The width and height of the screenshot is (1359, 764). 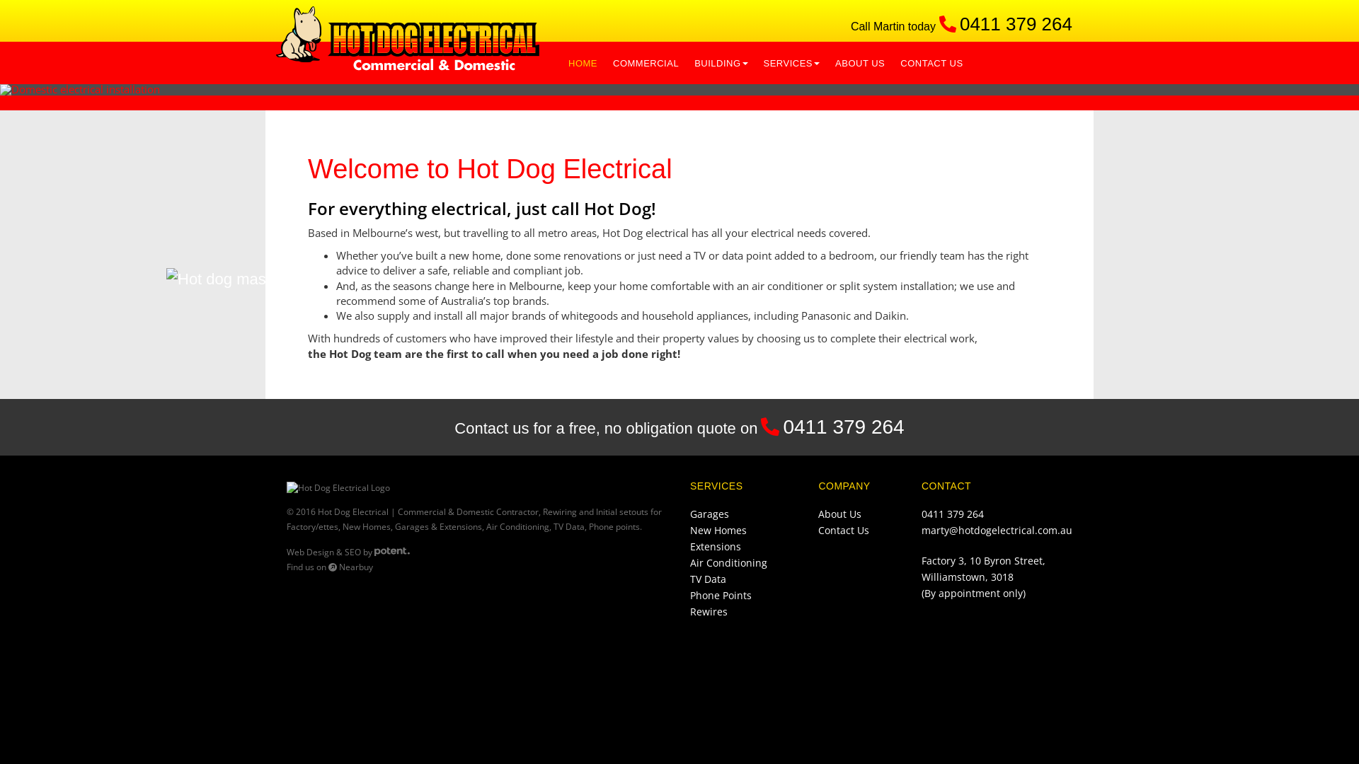 I want to click on 'New Homes', so click(x=718, y=530).